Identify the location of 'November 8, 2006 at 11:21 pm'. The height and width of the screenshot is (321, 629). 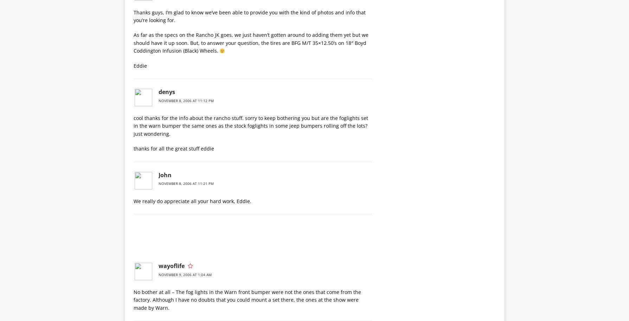
(185, 183).